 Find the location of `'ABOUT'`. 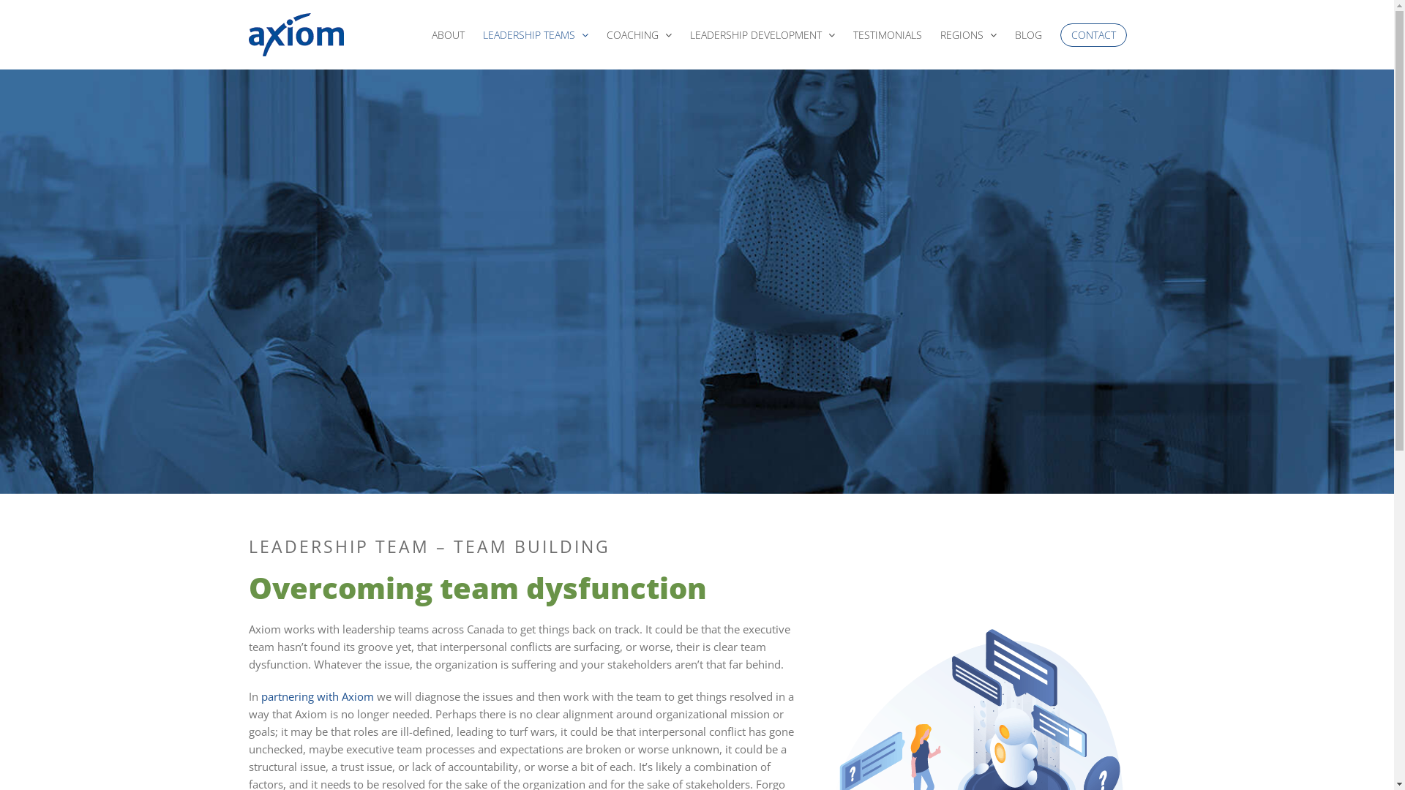

'ABOUT' is located at coordinates (447, 34).